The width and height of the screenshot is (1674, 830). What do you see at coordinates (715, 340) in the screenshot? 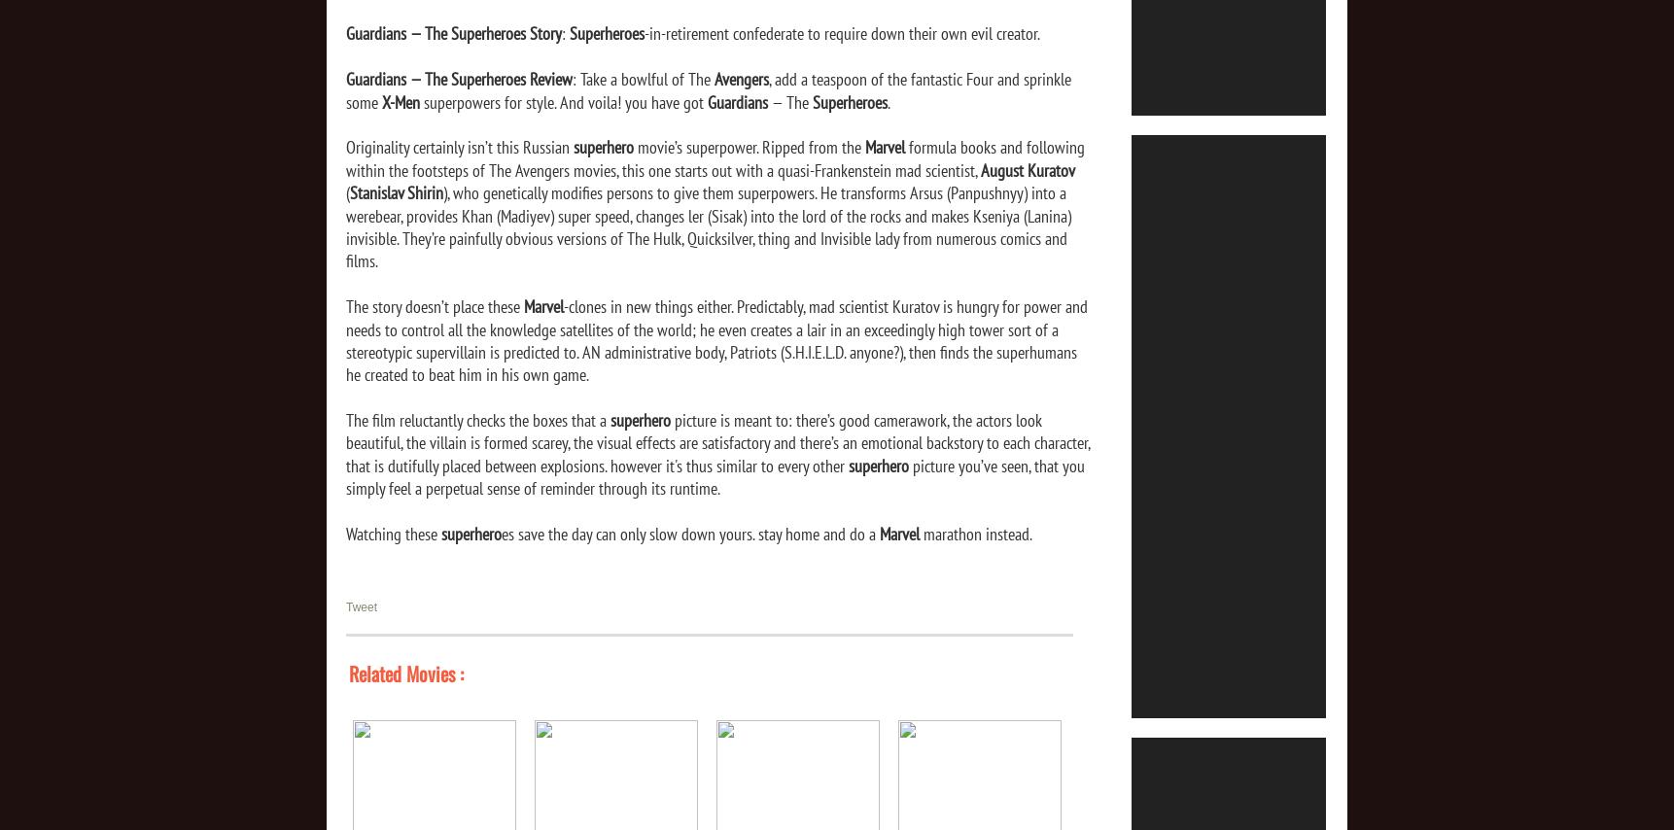
I see `'-clones in new
things either. Predictably, mad scientist Kuratov is hungry for power and needs
to control all the knowledge satellites of the world; he even creates a lair in
an exceedingly high tower sort of a stereotypic supervillain is predicted to.
AN administrative body, Patriots (S.H.I.E.L.D. anyone?), then finds the
superhumans he created to beat him in his own game.'` at bounding box center [715, 340].